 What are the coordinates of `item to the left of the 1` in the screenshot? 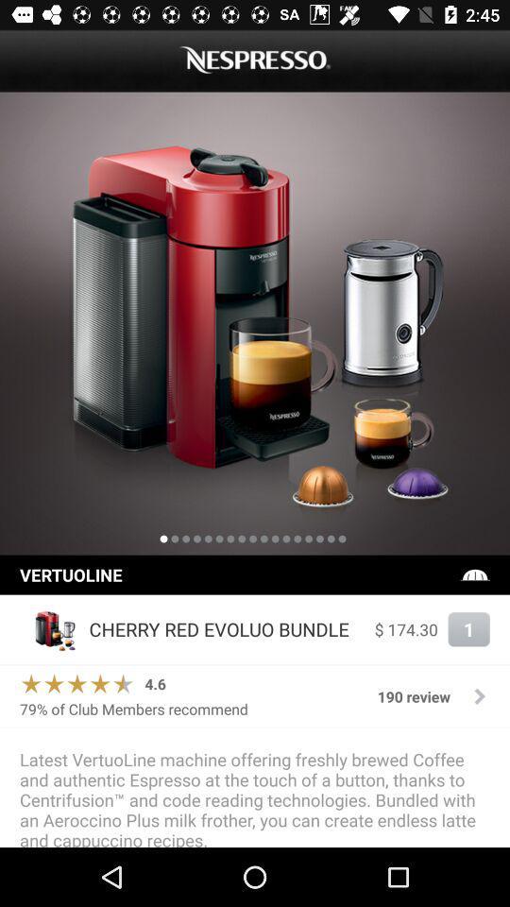 It's located at (405, 629).